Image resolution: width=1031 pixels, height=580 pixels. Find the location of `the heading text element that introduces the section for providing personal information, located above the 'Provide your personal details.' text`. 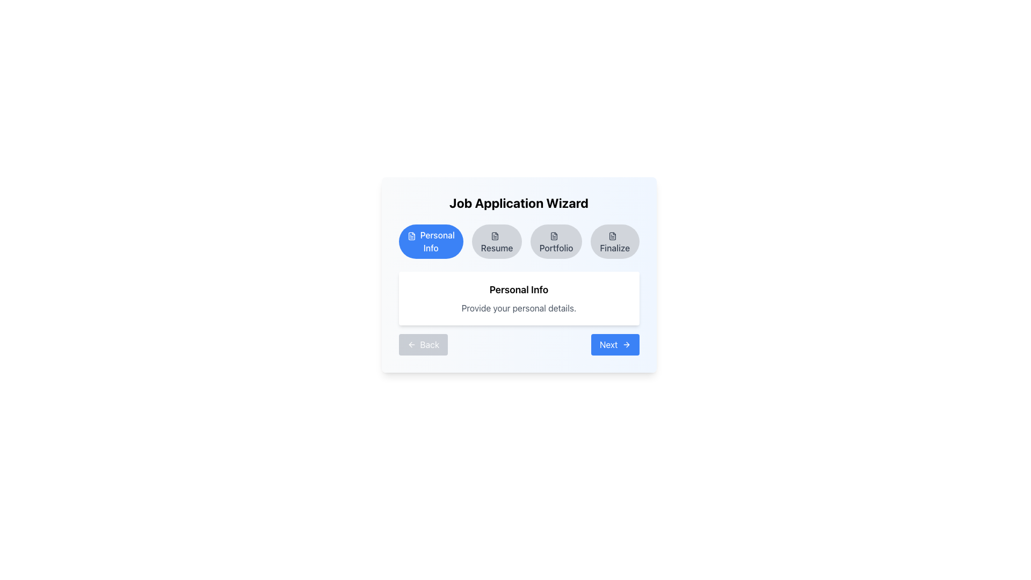

the heading text element that introduces the section for providing personal information, located above the 'Provide your personal details.' text is located at coordinates (519, 290).